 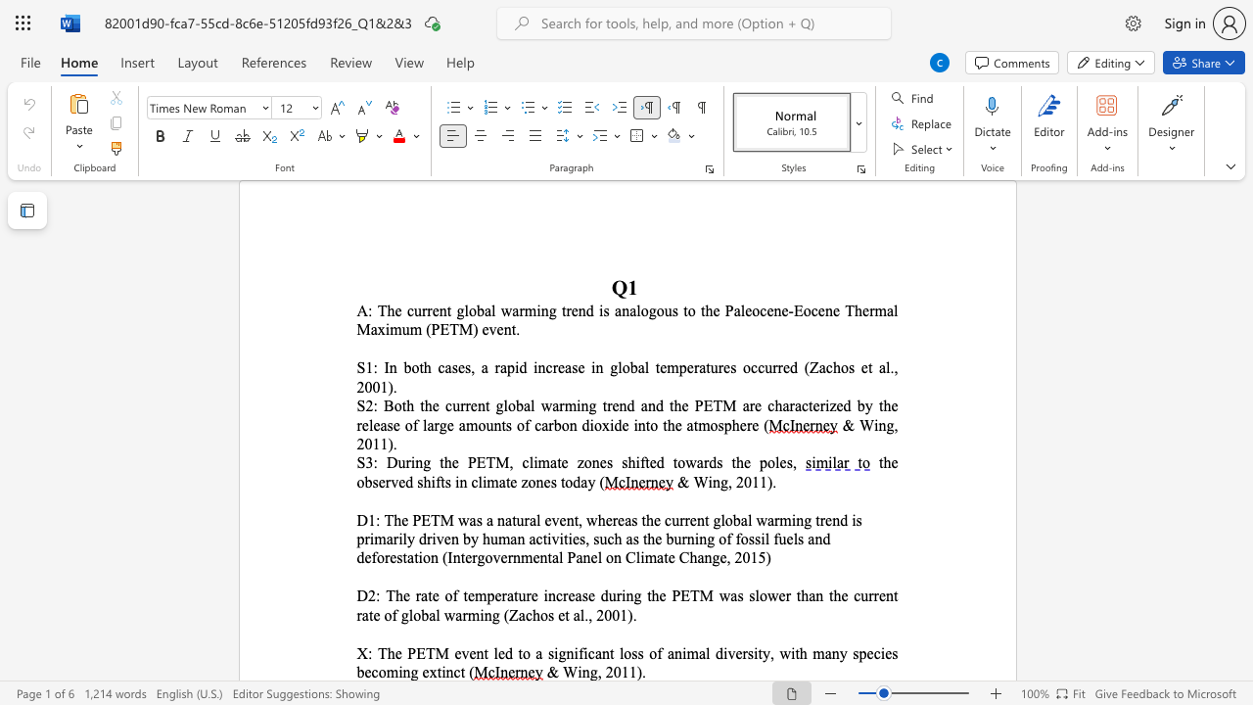 I want to click on the space between the continuous character "g" and "," in the text, so click(x=595, y=671).